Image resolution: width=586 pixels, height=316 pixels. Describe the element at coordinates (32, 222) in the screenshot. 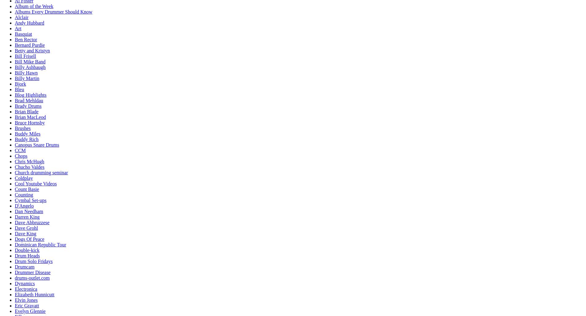

I see `'Dave Abbruzzese'` at that location.